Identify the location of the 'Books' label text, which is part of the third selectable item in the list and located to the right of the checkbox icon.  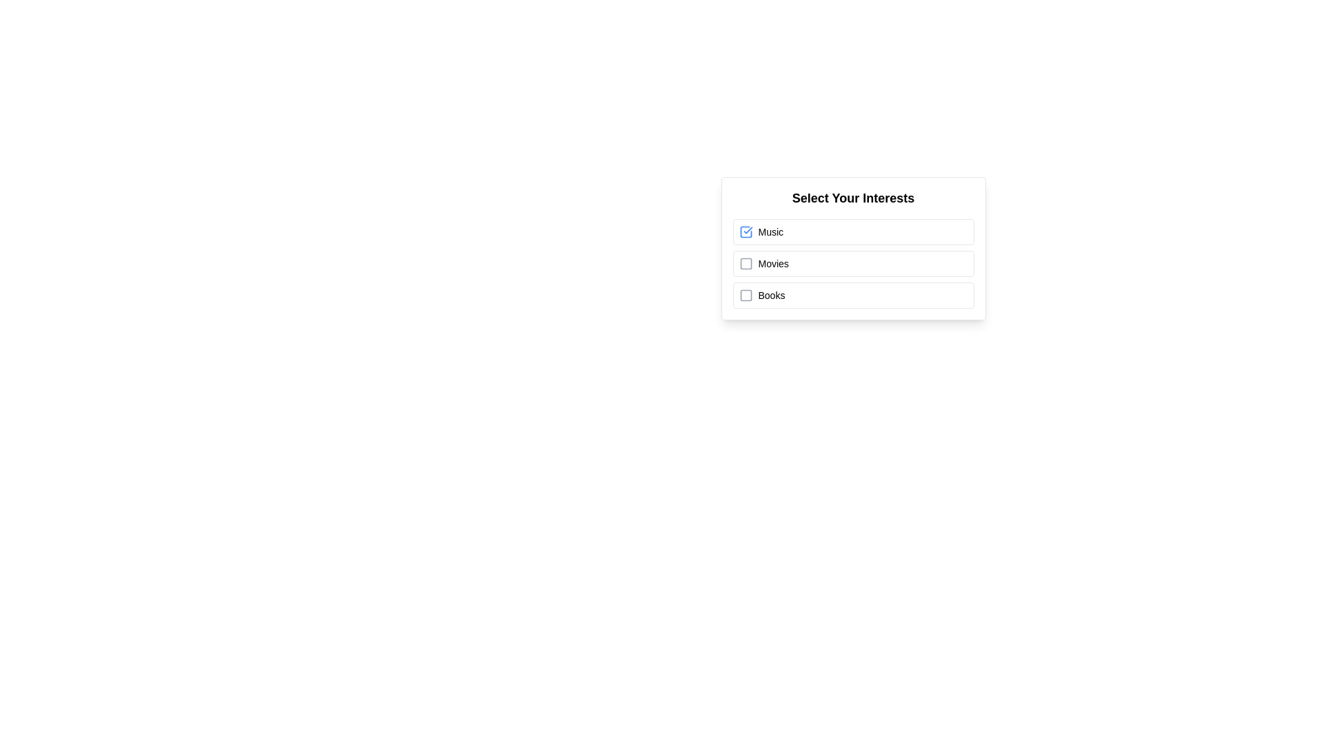
(770, 294).